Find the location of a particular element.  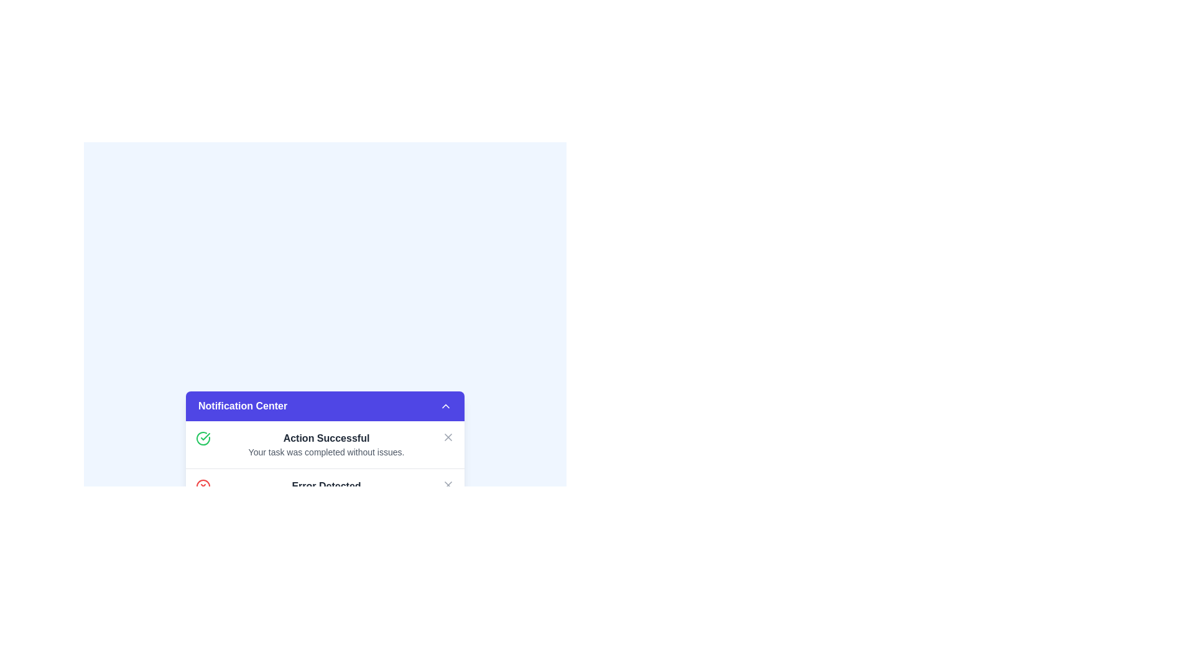

the Close button represented by an 'X' SVG icon located at the far-right end of the notification card to provide visual feedback is located at coordinates (448, 437).